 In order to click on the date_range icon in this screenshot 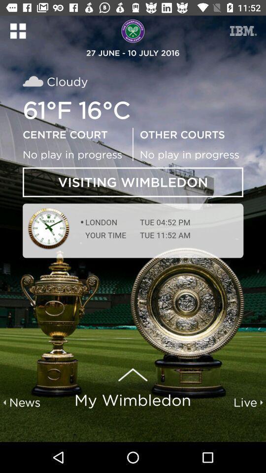, I will do `click(243, 31)`.